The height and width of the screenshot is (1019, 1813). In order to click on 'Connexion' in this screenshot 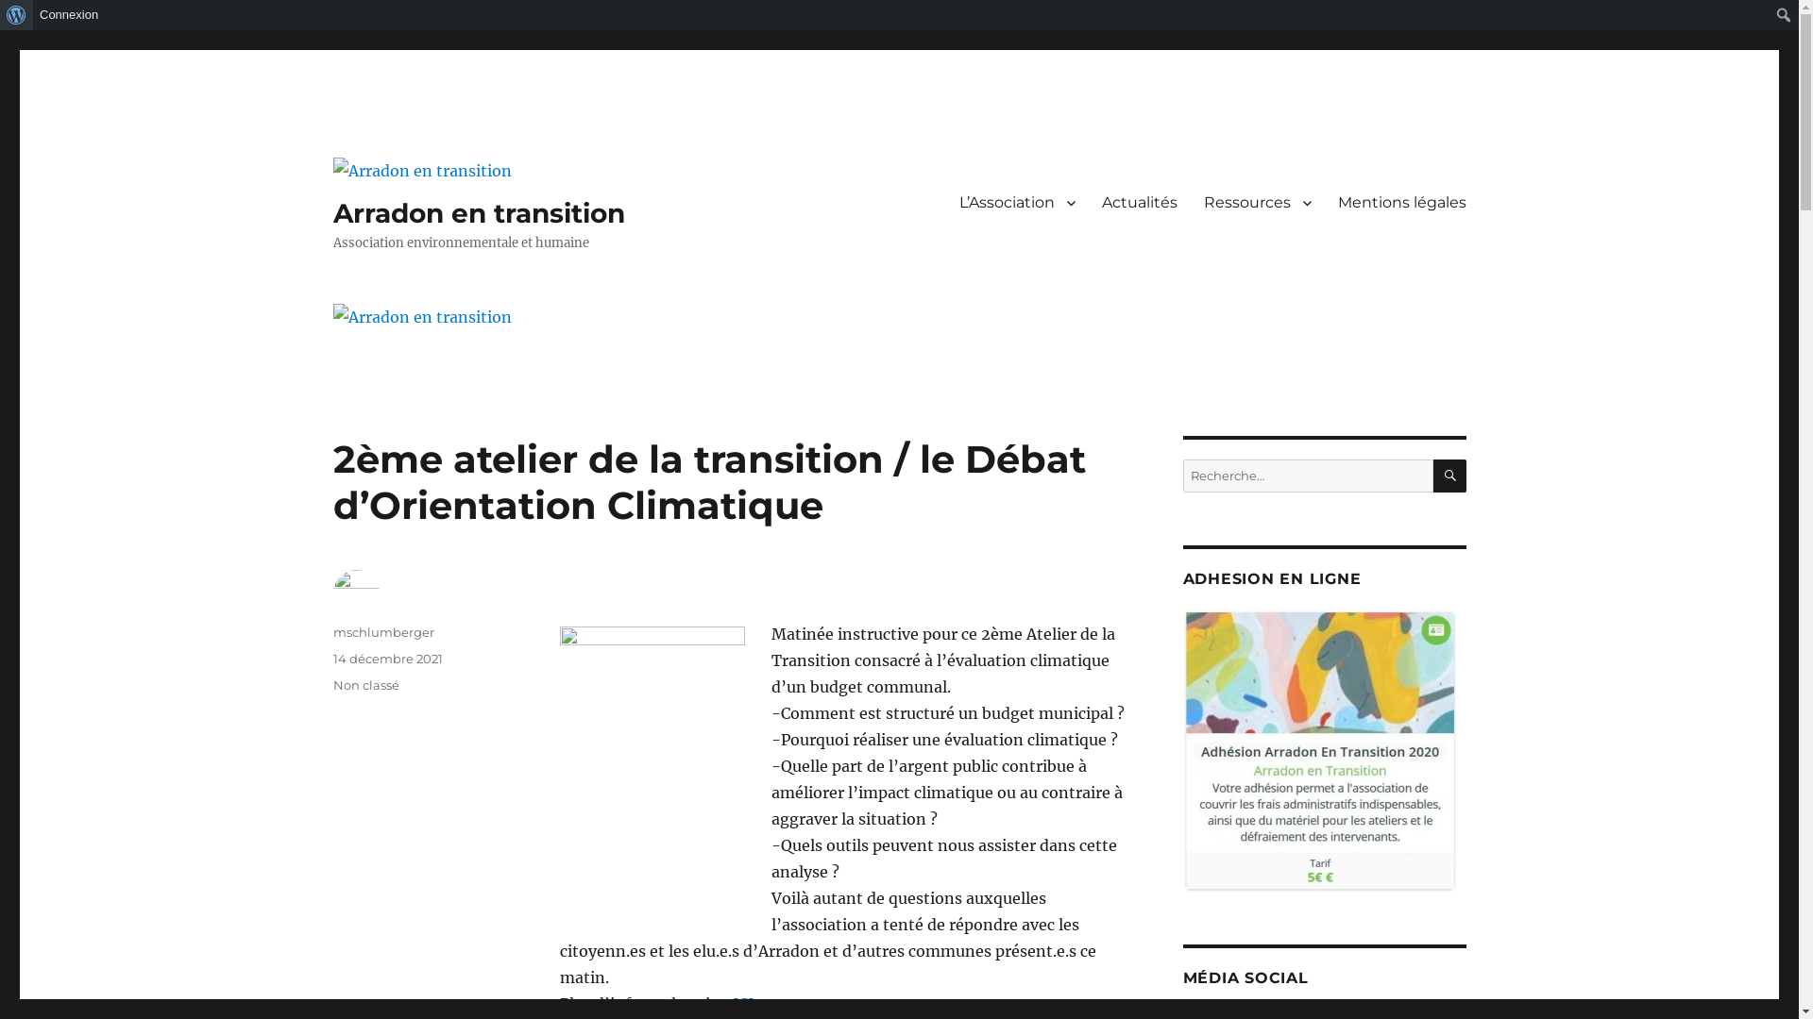, I will do `click(32, 14)`.